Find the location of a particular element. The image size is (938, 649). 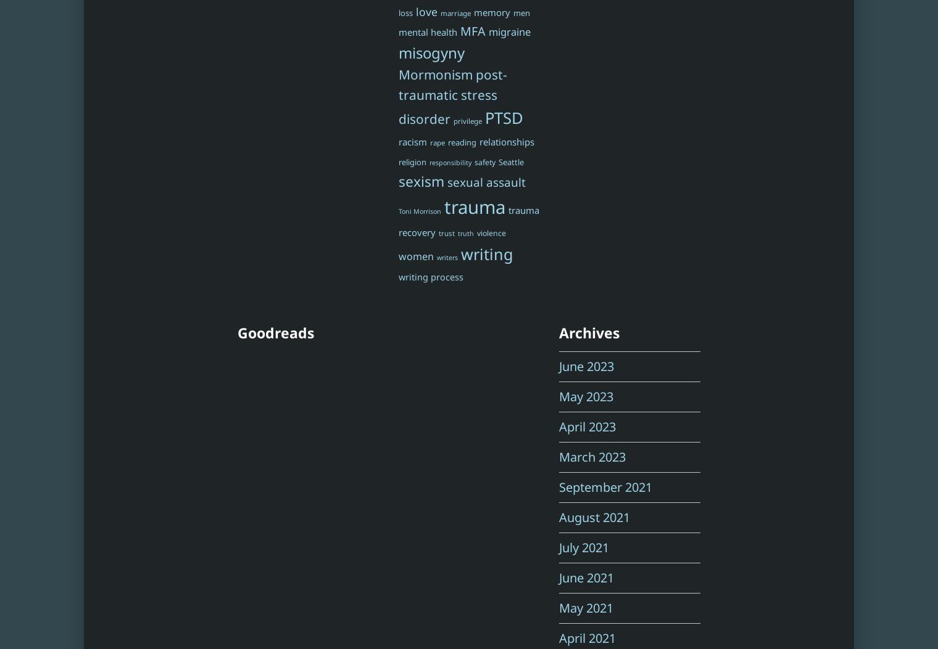

'Seattle' is located at coordinates (497, 160).